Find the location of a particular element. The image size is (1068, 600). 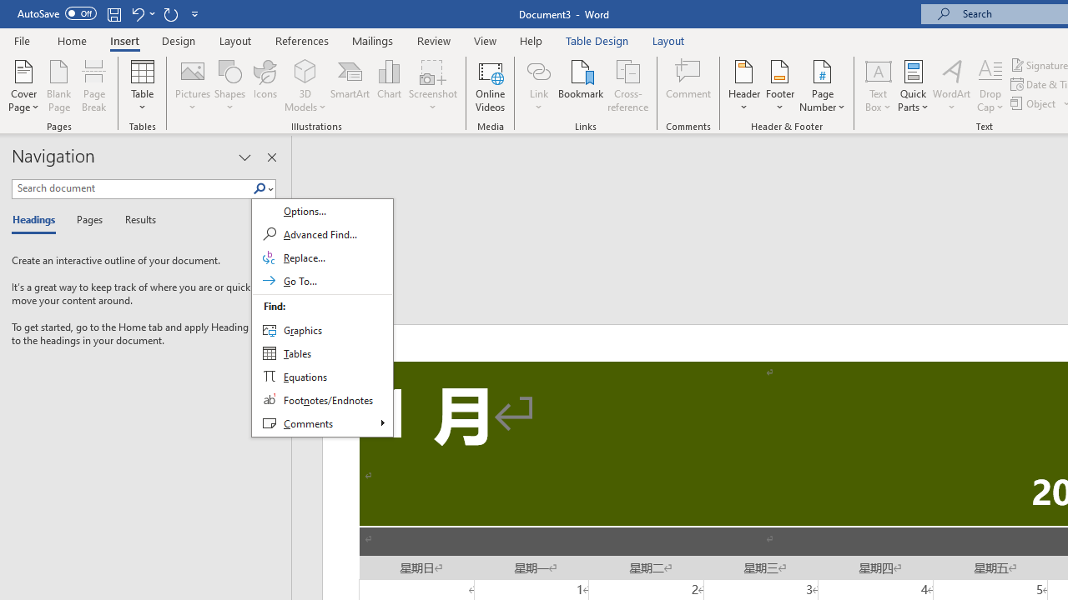

'Chart...' is located at coordinates (388, 86).